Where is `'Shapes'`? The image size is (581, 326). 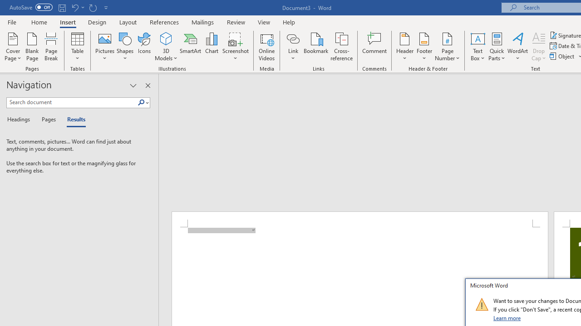
'Shapes' is located at coordinates (124, 47).